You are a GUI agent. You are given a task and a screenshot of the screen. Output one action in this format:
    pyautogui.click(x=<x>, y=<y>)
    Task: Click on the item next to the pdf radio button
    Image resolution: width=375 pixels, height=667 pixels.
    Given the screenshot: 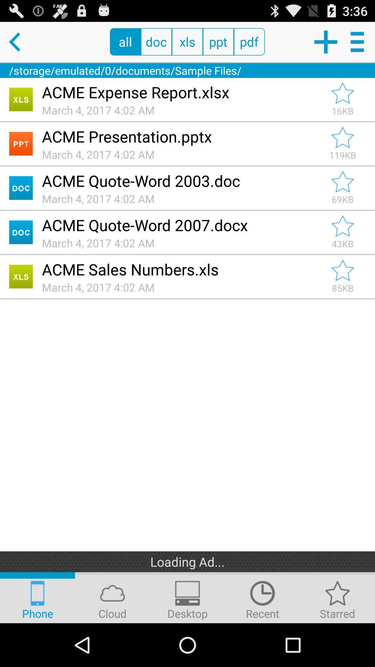 What is the action you would take?
    pyautogui.click(x=325, y=41)
    